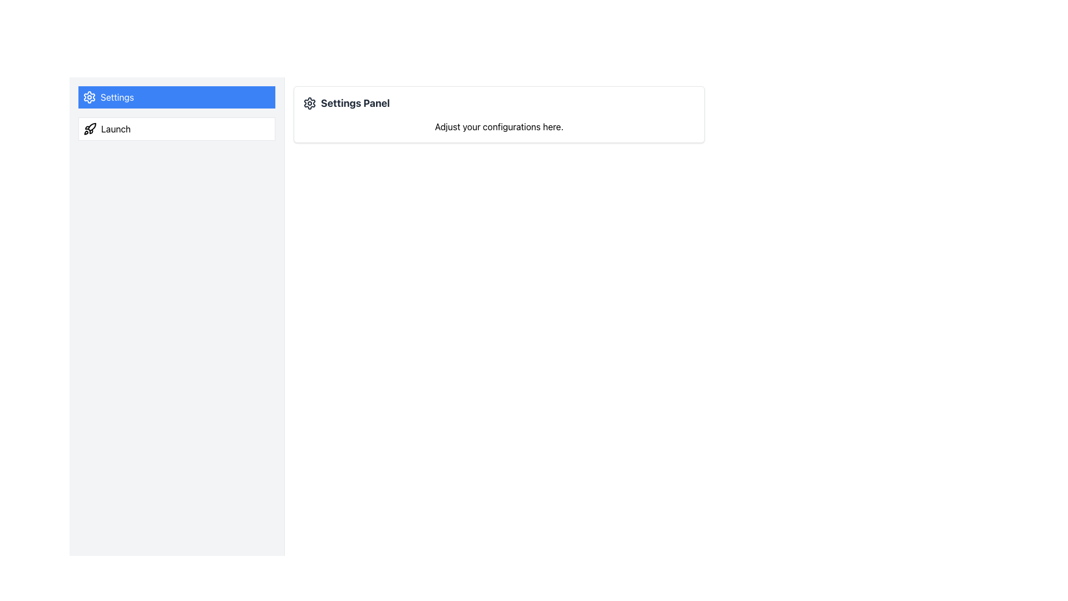  I want to click on the instructional text located at the bottom of the 'Settings Panel' card, directly below the 'Settings Panel' title and to the right of the settings icon, so click(498, 126).